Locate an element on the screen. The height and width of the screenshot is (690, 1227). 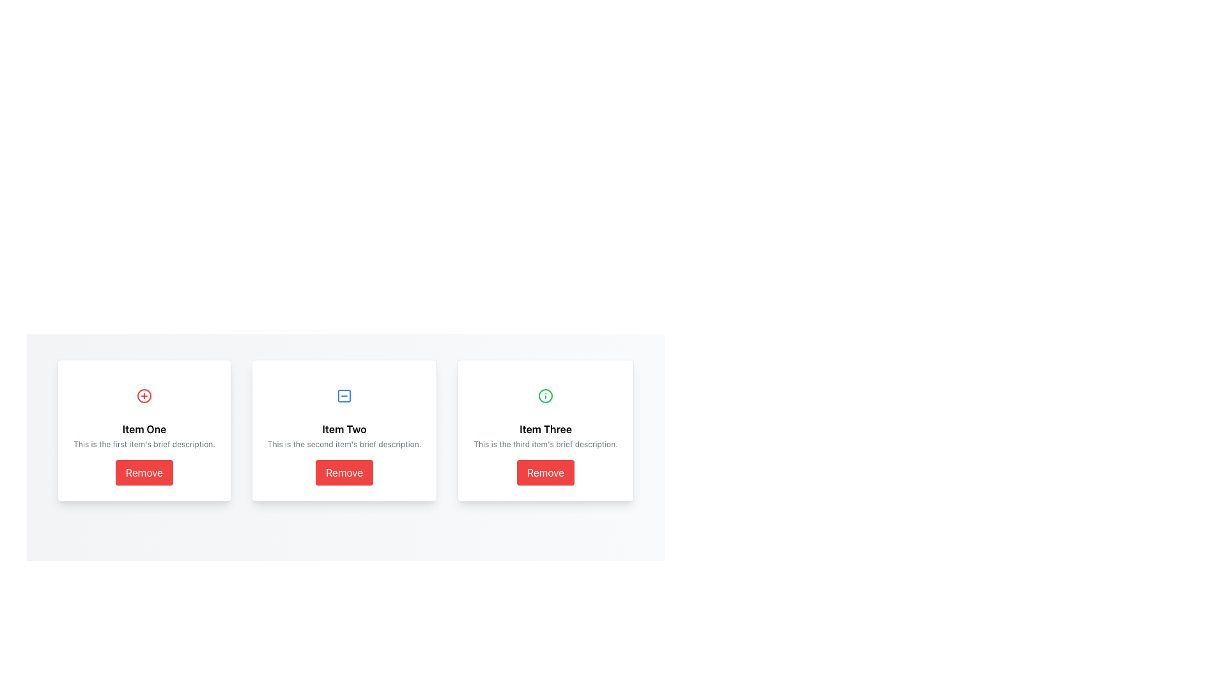
the Card component with a white background, rounded corners, centered green icon, bold text 'Item Three', and a red 'Remove' button located at the far-right of the row is located at coordinates (546, 431).